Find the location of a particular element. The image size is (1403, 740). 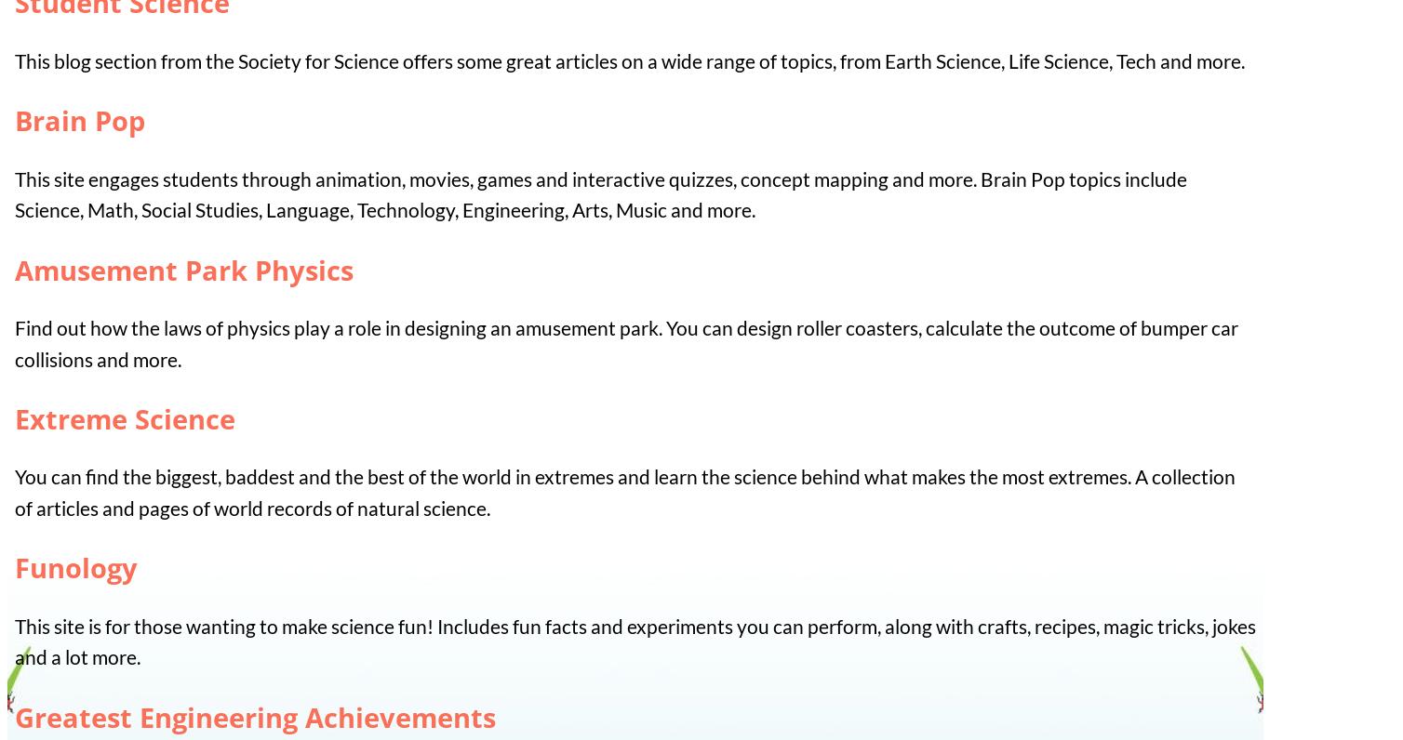

'Find out how the laws of physics play a role in designing an amusement park.  You can design roller coasters, calculate the outcome of bumper car collisions and more.' is located at coordinates (625, 342).